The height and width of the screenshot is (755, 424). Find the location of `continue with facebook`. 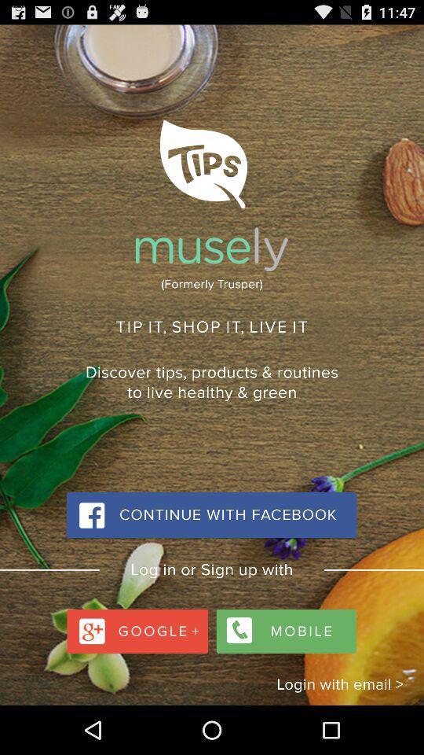

continue with facebook is located at coordinates (211, 514).